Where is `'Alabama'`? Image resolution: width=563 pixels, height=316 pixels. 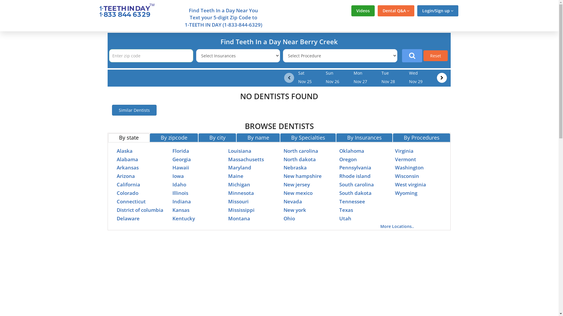 'Alabama' is located at coordinates (127, 159).